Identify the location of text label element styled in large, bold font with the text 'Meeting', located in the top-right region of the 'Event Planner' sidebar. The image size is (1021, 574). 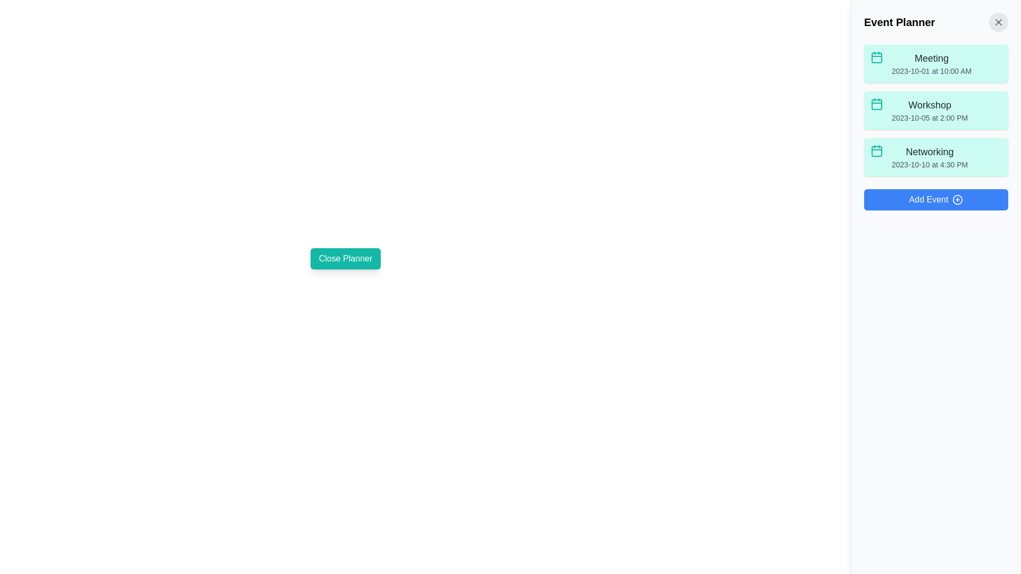
(931, 58).